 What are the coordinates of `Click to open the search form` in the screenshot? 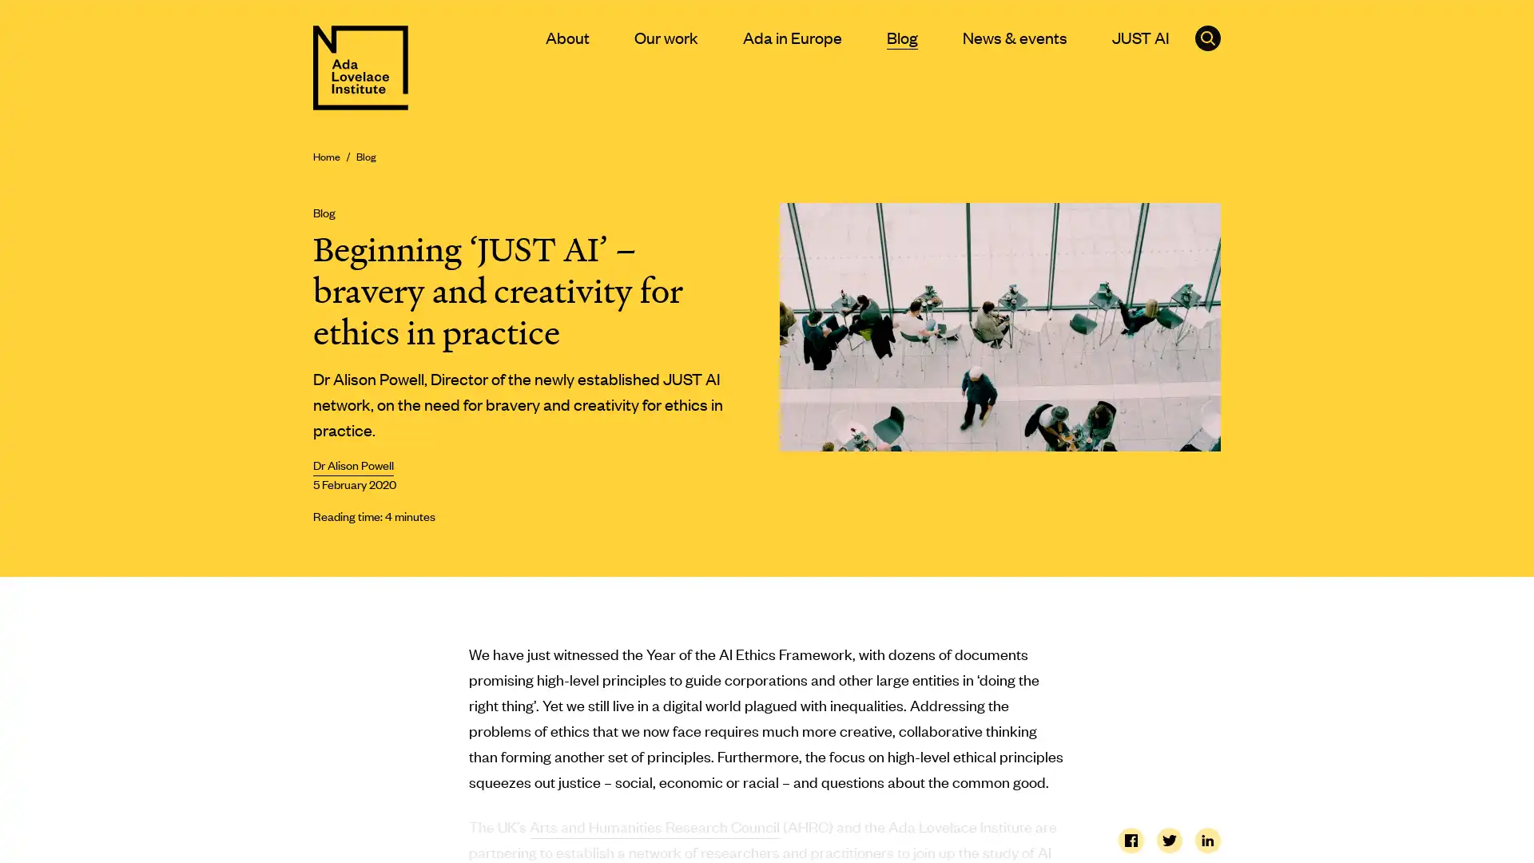 It's located at (1208, 37).